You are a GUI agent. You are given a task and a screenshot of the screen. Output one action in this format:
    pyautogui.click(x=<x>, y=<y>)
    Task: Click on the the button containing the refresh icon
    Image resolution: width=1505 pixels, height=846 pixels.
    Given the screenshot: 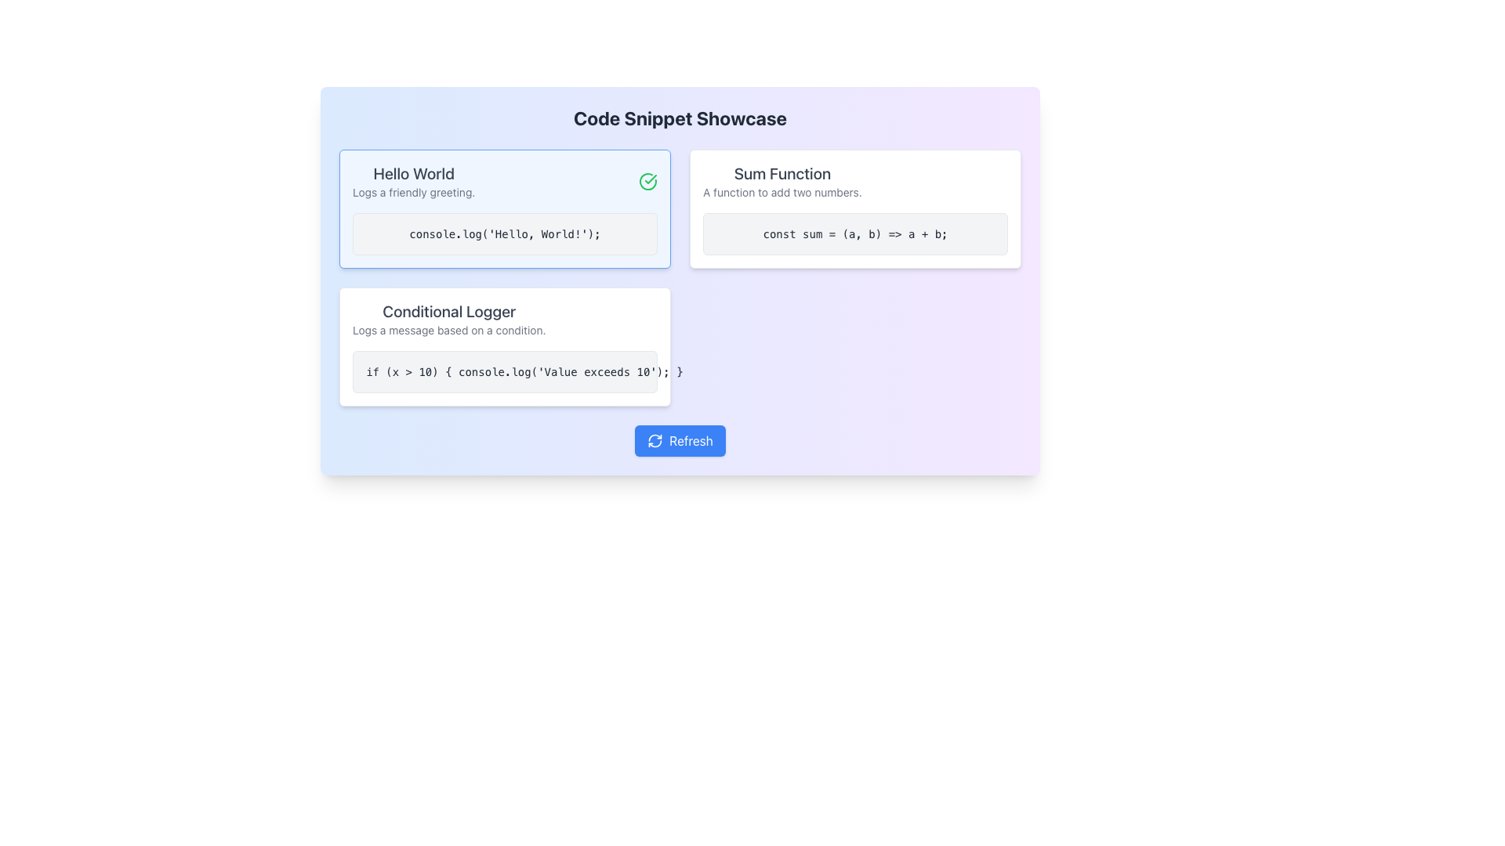 What is the action you would take?
    pyautogui.click(x=655, y=441)
    